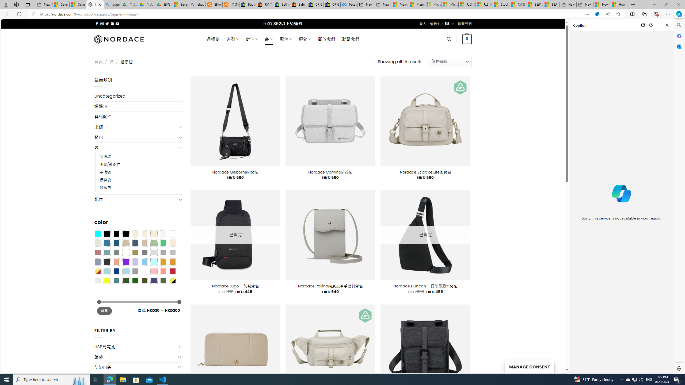 The width and height of the screenshot is (685, 385). What do you see at coordinates (586, 14) in the screenshot?
I see `'Show translate options'` at bounding box center [586, 14].